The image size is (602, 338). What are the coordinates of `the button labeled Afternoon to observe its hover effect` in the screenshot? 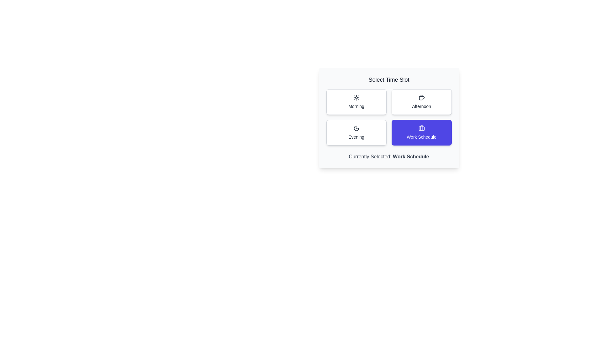 It's located at (421, 102).